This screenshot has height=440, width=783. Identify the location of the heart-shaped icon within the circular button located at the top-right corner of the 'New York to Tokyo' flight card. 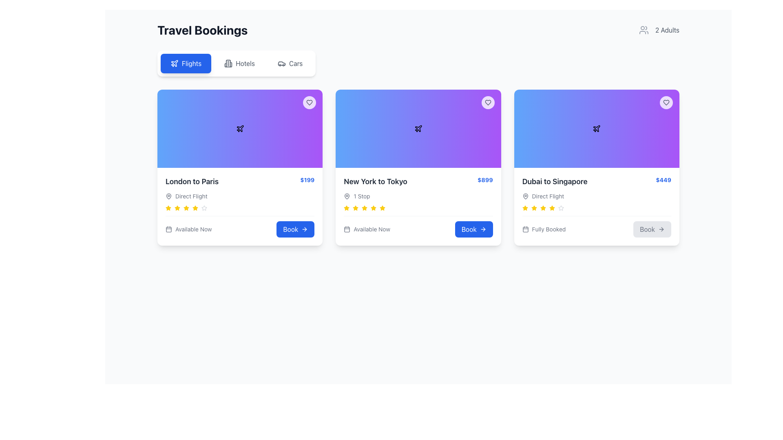
(309, 102).